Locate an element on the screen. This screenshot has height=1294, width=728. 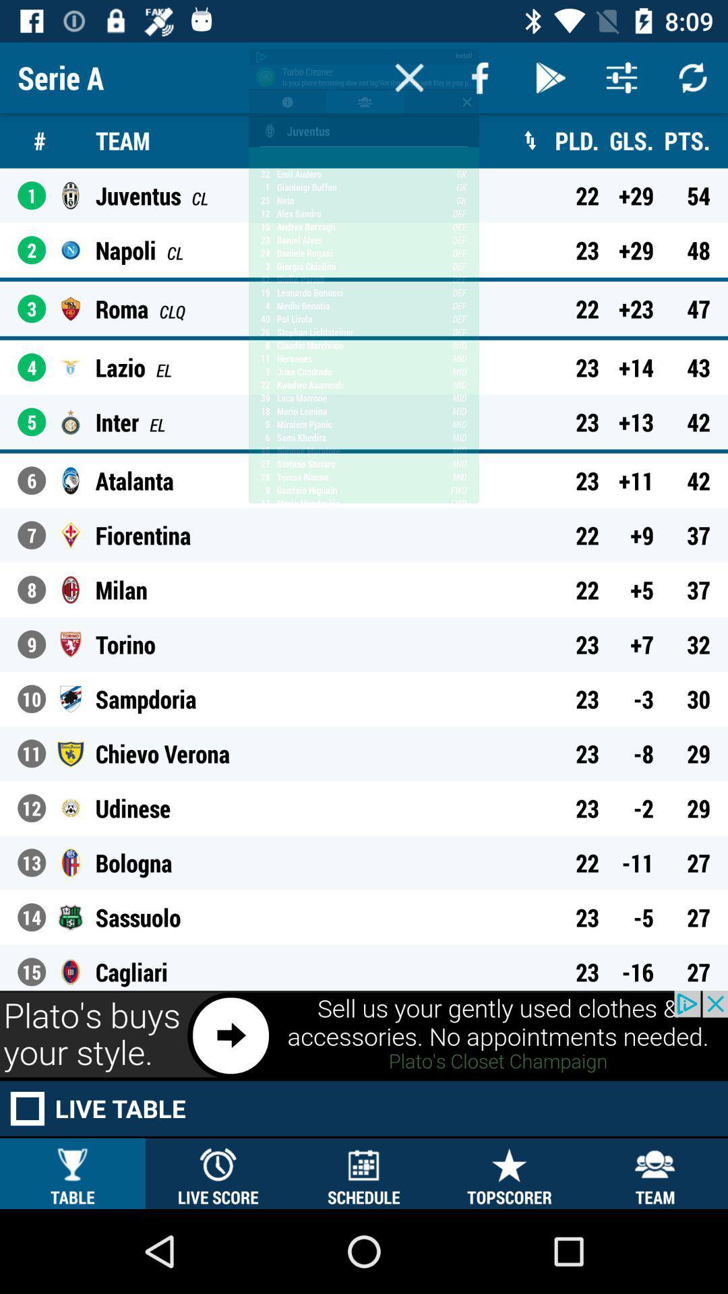
the play icon is located at coordinates (551, 77).